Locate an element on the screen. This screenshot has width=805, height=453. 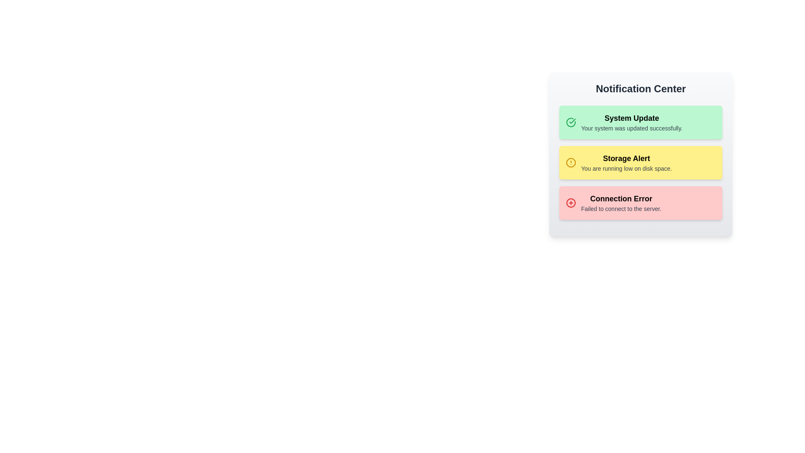
the notification icon for System Update is located at coordinates (571, 122).